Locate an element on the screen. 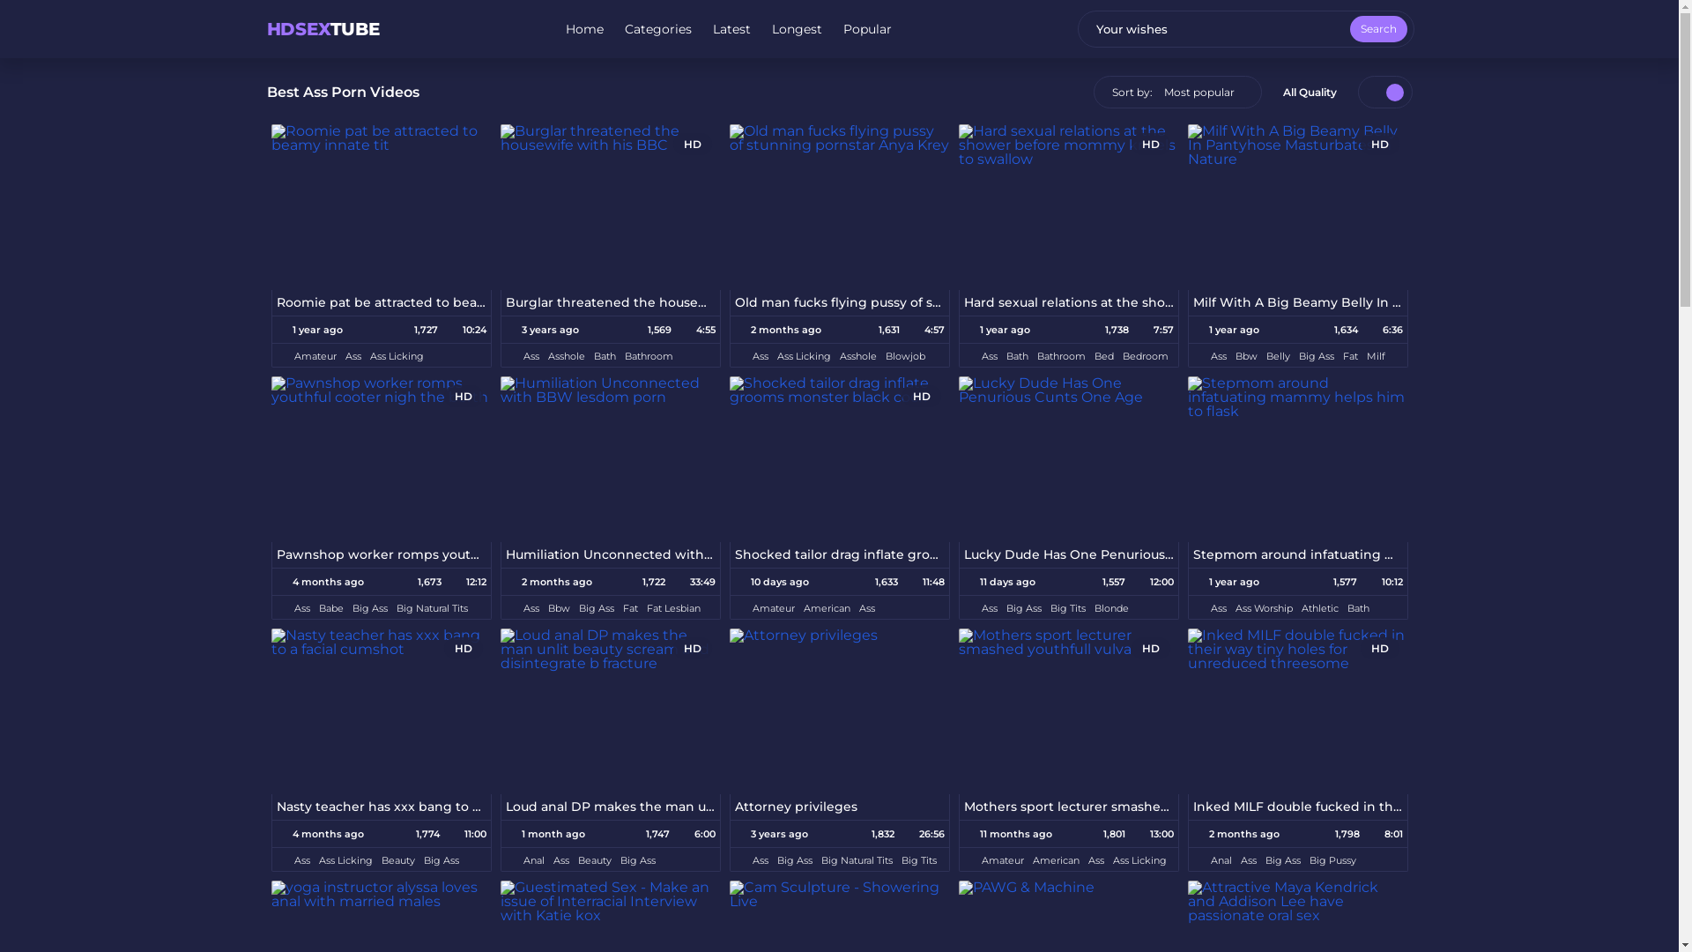 This screenshot has width=1692, height=952. 'Babe' is located at coordinates (330, 607).